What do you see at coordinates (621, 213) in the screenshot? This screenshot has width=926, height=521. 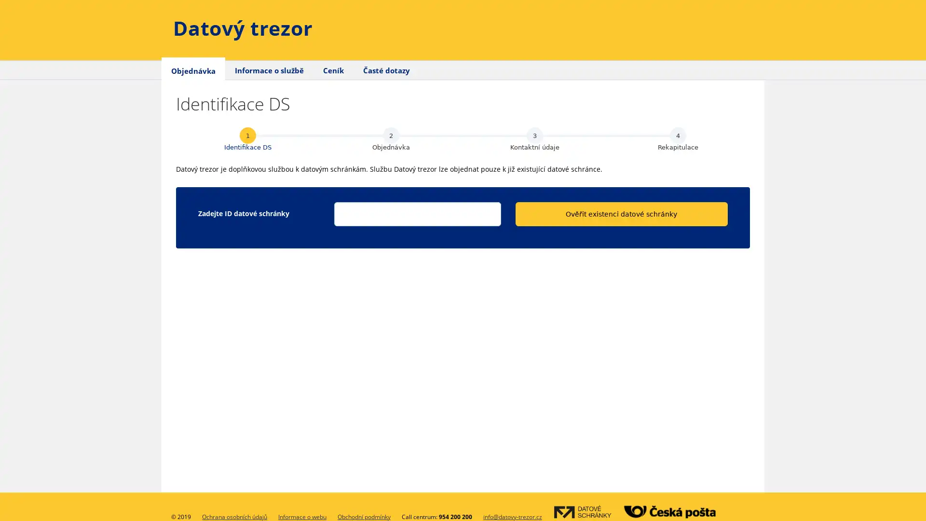 I see `Overit existenci datove schranky` at bounding box center [621, 213].